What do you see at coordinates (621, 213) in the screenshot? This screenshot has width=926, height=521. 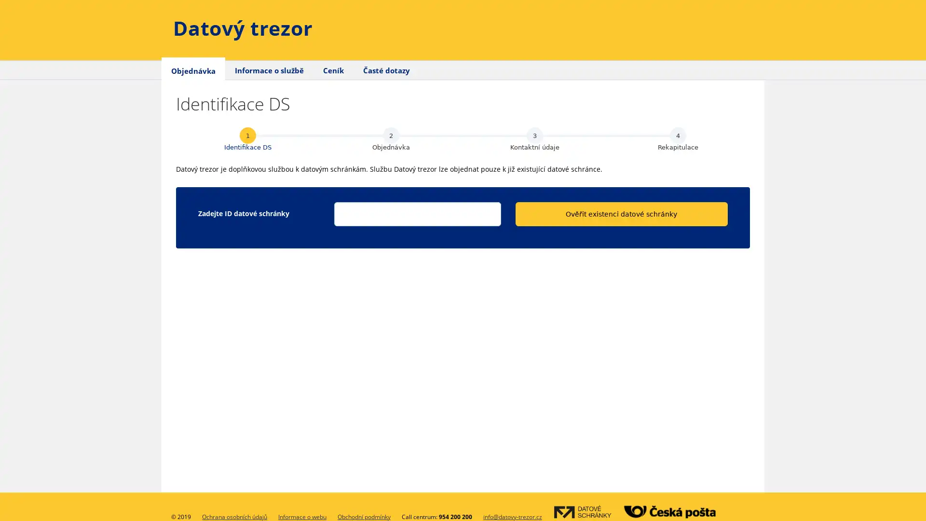 I see `Overit existenci datove schranky` at bounding box center [621, 213].